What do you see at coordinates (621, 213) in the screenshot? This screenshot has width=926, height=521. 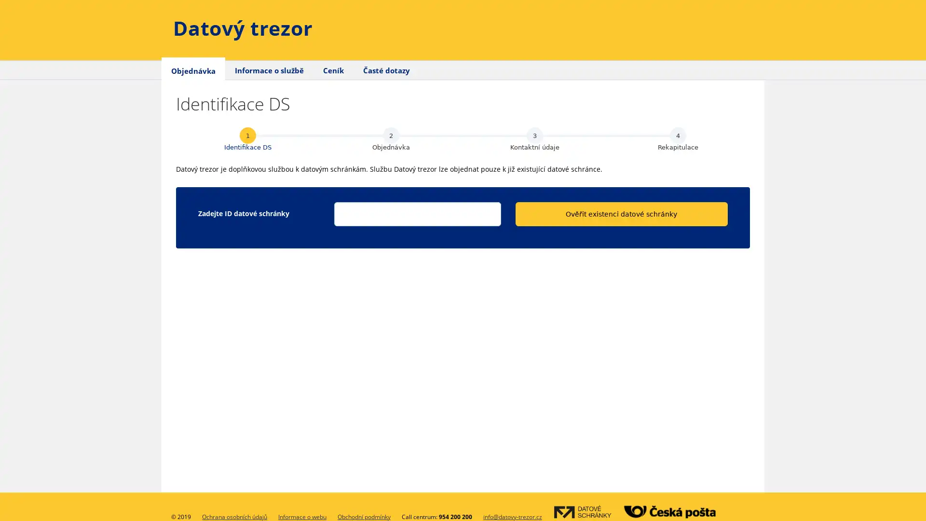 I see `Overit existenci datove schranky` at bounding box center [621, 213].